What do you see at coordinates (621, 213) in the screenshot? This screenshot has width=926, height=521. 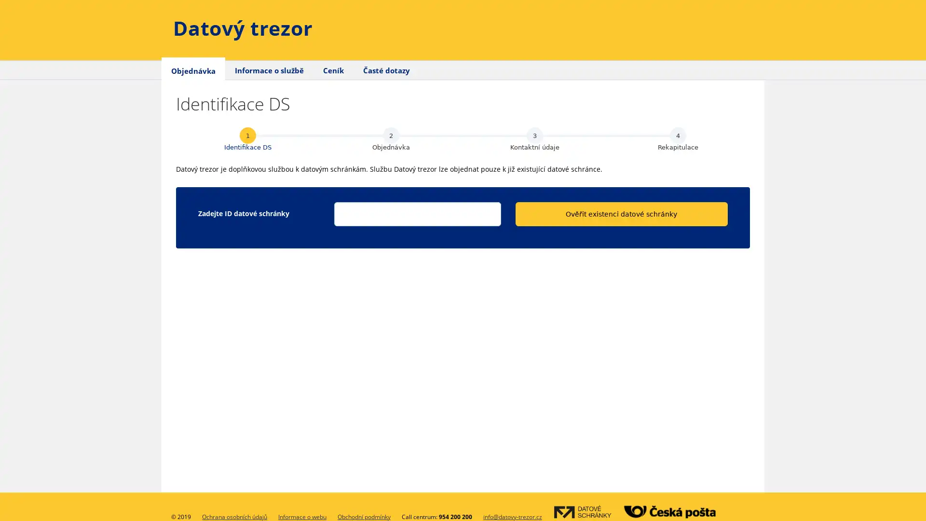 I see `Overit existenci datove schranky` at bounding box center [621, 213].